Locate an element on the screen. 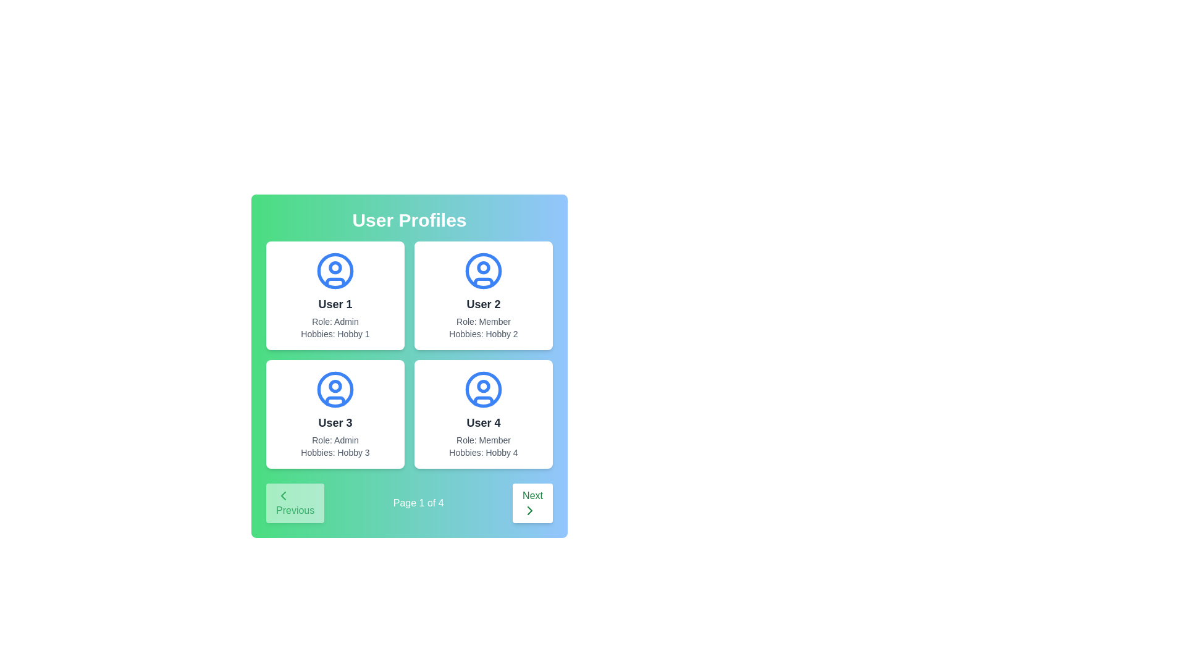  the chevron icon within the 'Previous' button is located at coordinates (283, 495).